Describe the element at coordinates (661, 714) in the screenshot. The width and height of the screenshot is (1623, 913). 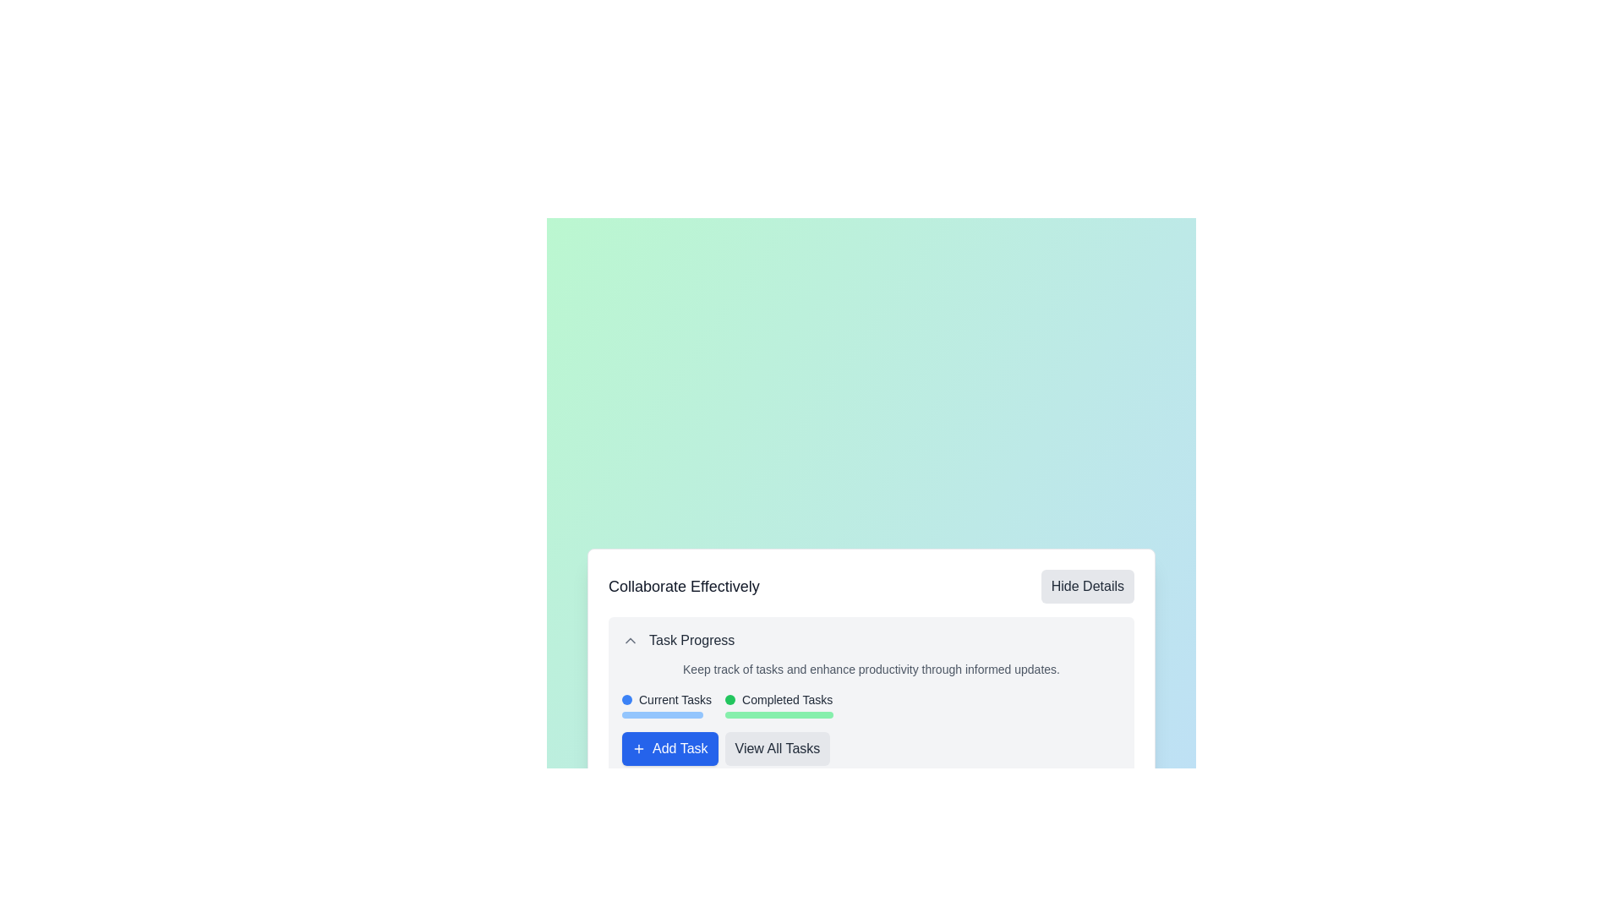
I see `the progress bar located below the 'Current Tasks' label and to the right of the blue circular icon, within the 'Task Progress' group` at that location.